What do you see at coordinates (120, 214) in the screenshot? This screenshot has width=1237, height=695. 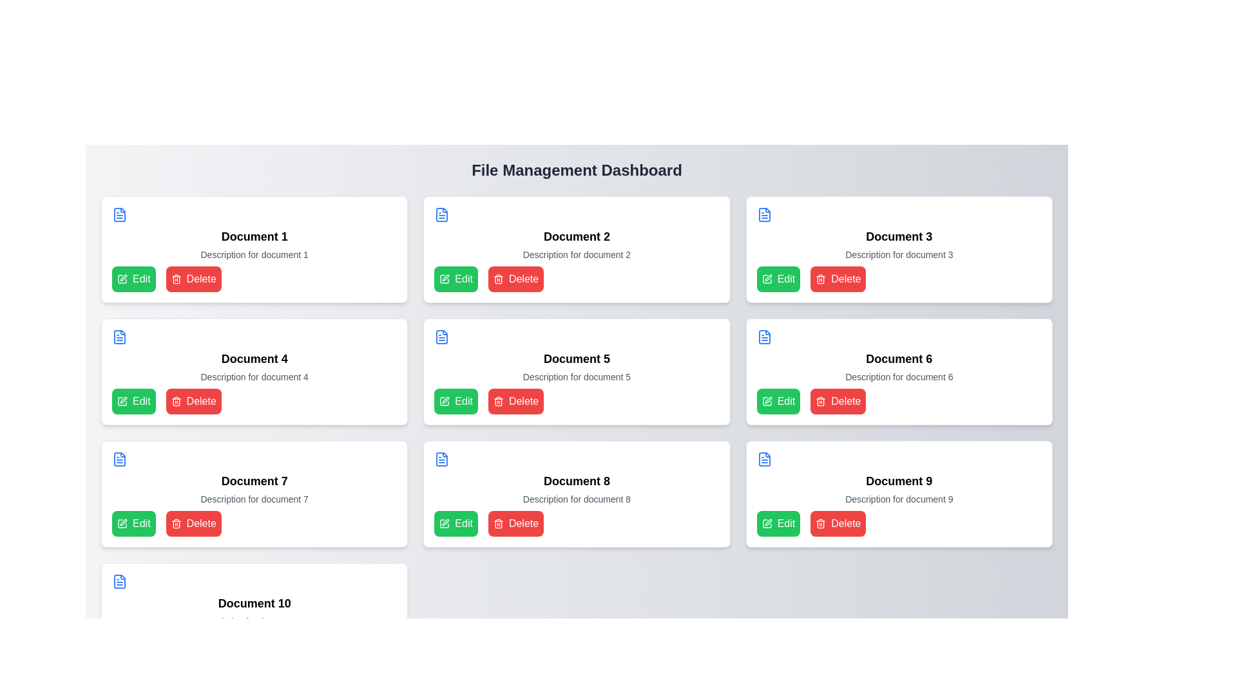 I see `the SVG document icon representing 'Document 1'` at bounding box center [120, 214].